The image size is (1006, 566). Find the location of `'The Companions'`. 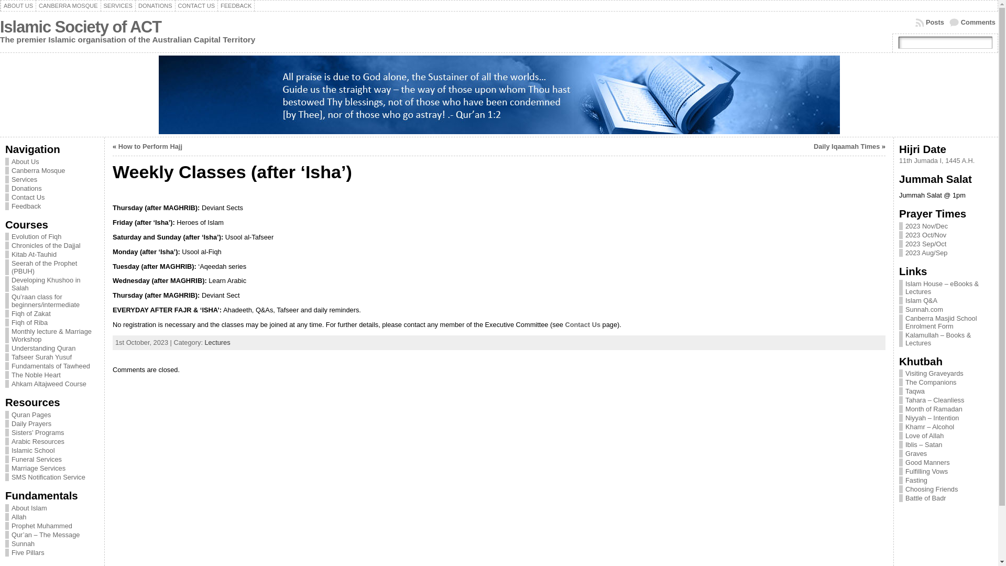

'The Companions' is located at coordinates (905, 382).